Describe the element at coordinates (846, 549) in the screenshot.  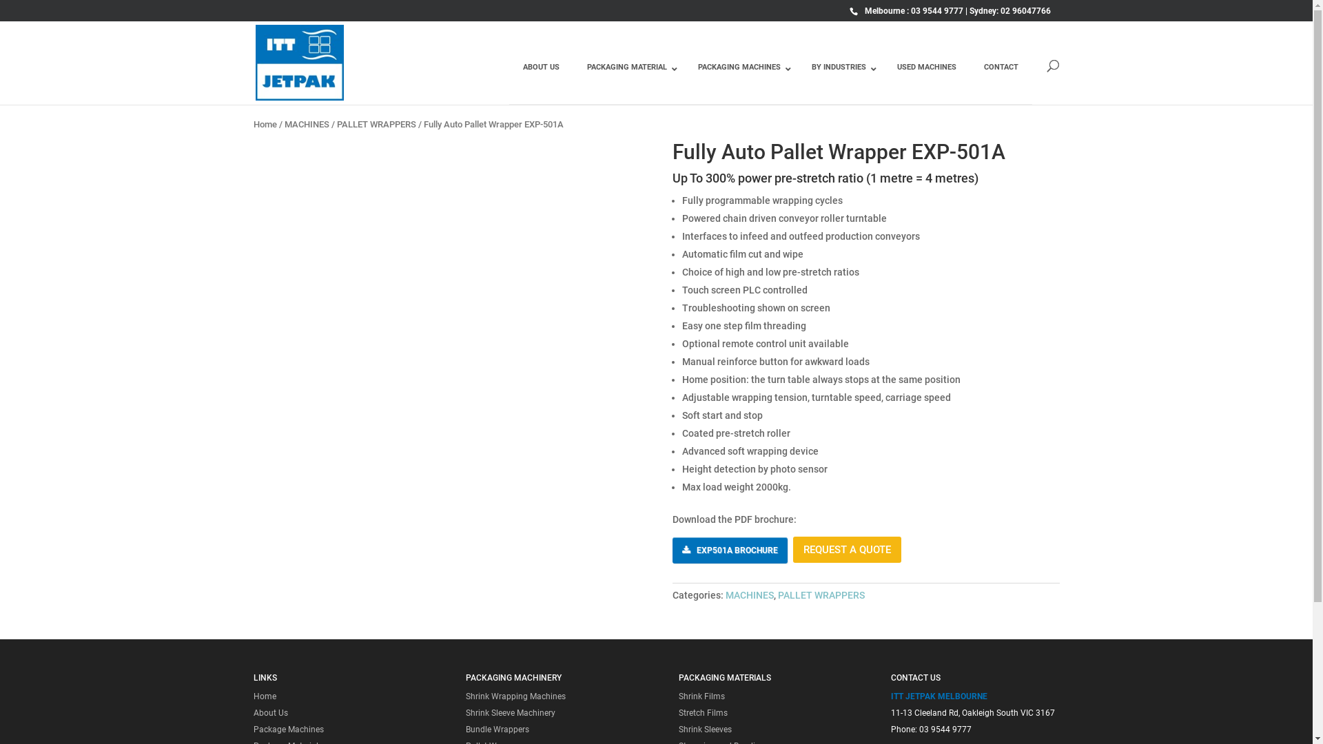
I see `'REQUEST A QUOTE'` at that location.